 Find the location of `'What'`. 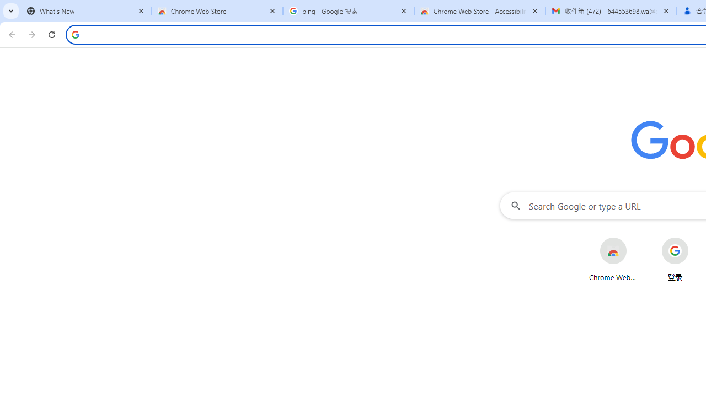

'What' is located at coordinates (85, 11).